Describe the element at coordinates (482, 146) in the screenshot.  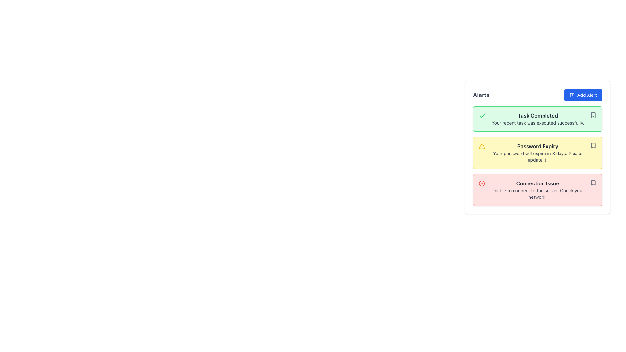
I see `the yellow triangular alert icon located to the left of the 'Password Expiry' notification in the alerts grouping for more information` at that location.